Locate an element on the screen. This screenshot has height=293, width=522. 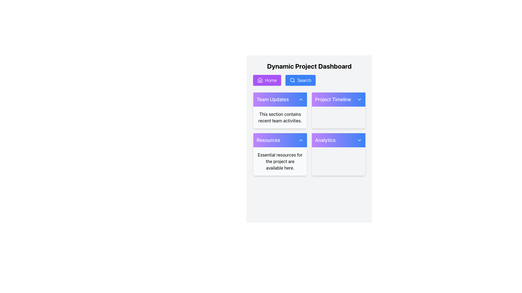
the toggle icon located in the header of the 'Team Updates' card is located at coordinates (301, 99).